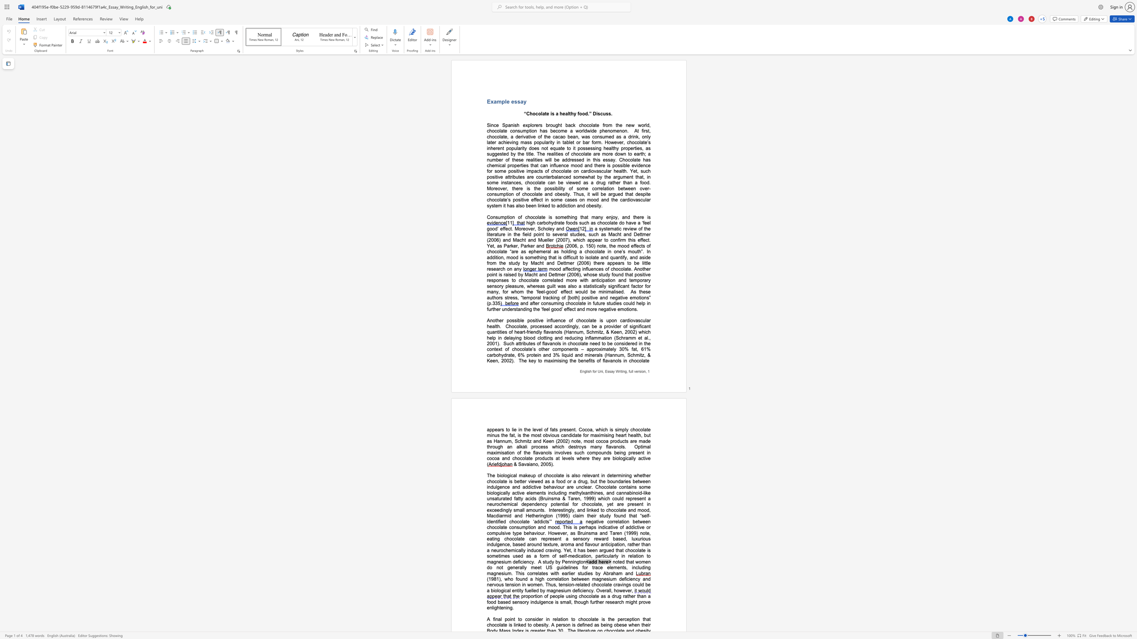  What do you see at coordinates (523, 510) in the screenshot?
I see `the space between the continuous character "l" and "l" in the text` at bounding box center [523, 510].